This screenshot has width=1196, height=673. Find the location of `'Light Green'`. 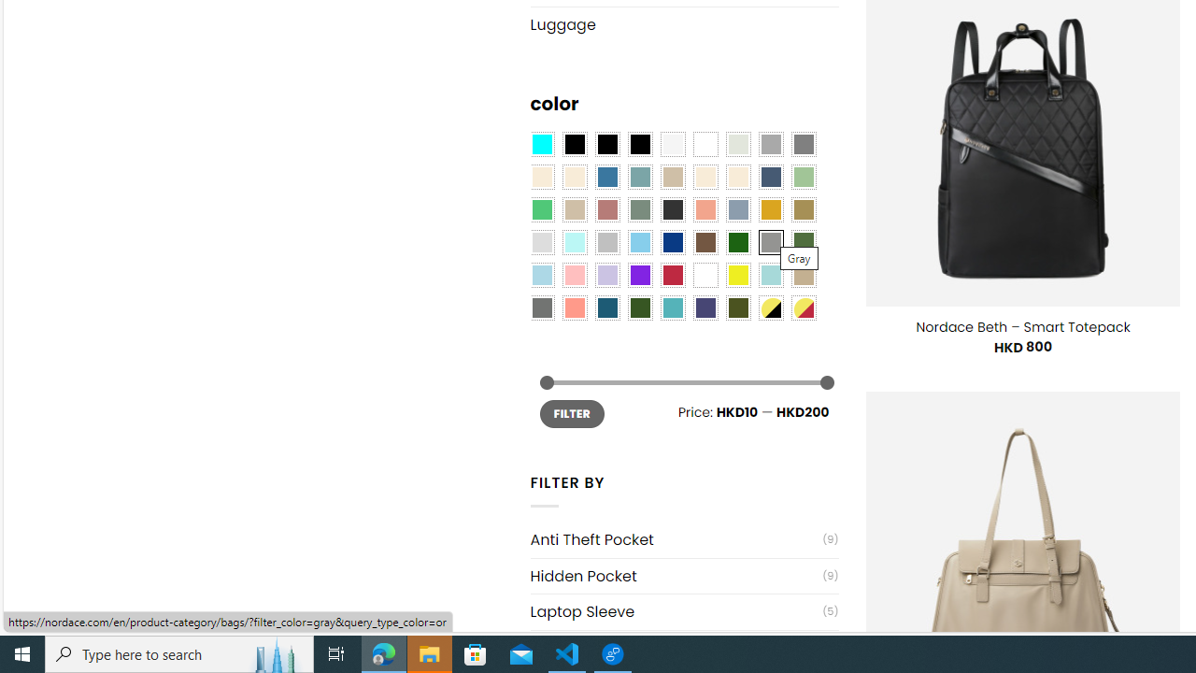

'Light Green' is located at coordinates (804, 178).